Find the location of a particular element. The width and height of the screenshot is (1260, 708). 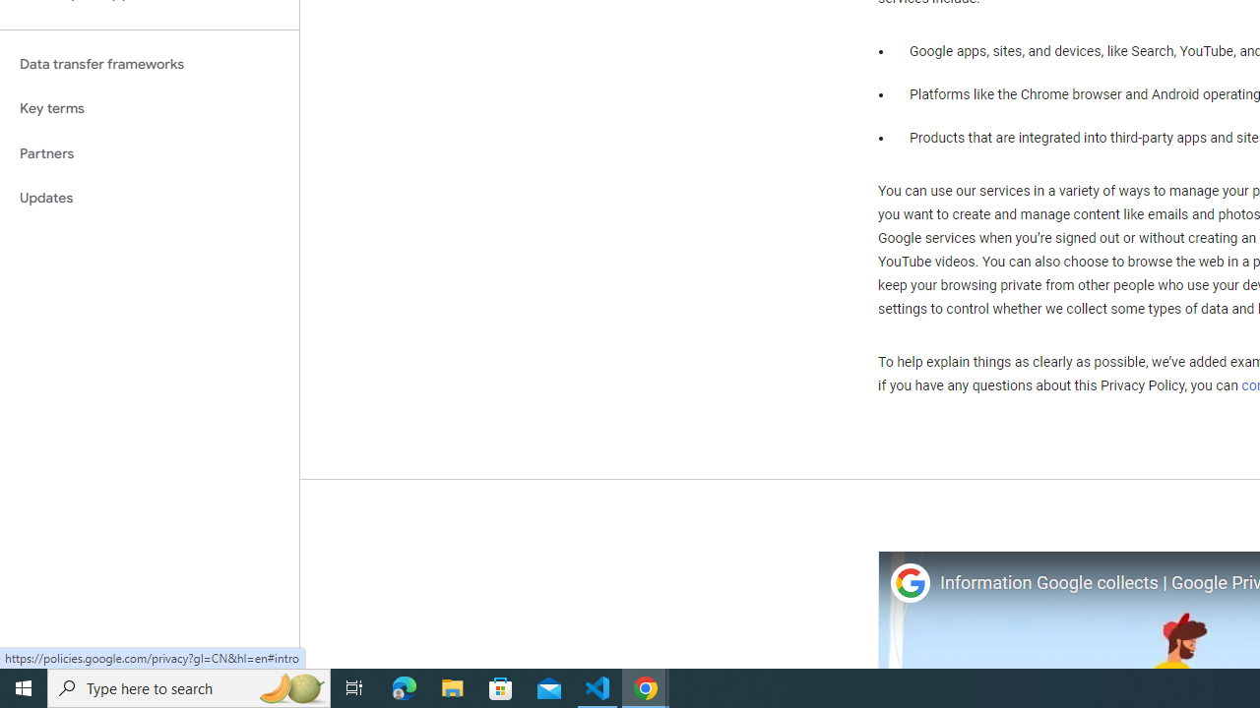

'Partners' is located at coordinates (149, 152).